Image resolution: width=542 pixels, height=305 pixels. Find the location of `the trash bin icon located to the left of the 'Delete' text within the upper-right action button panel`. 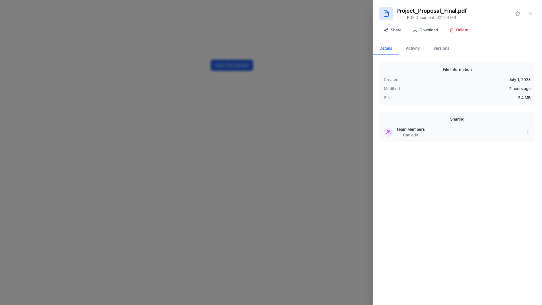

the trash bin icon located to the left of the 'Delete' text within the upper-right action button panel is located at coordinates (451, 30).